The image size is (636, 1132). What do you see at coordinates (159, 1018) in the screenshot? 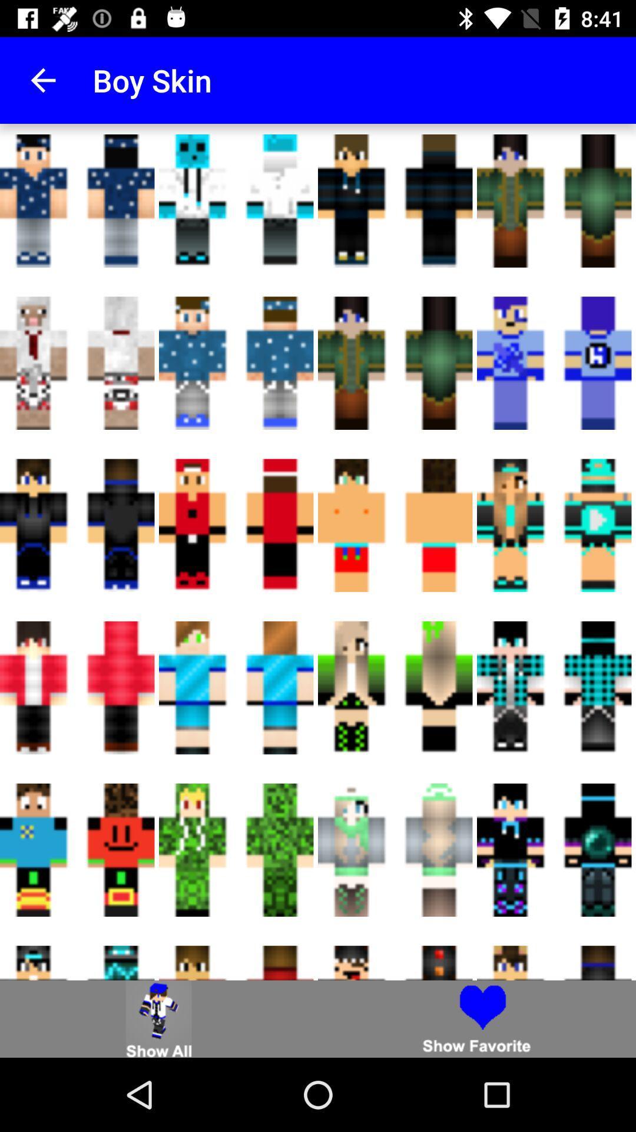
I see `click show all` at bounding box center [159, 1018].